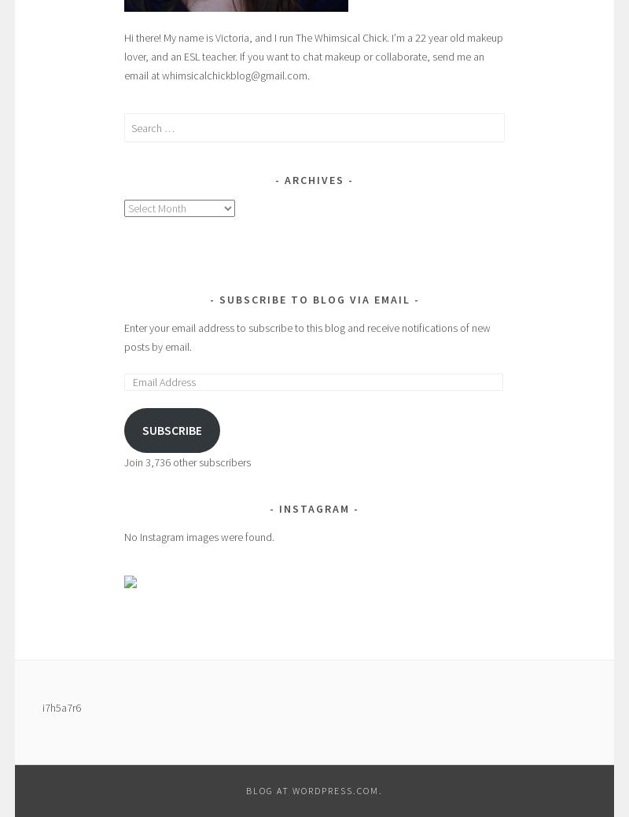 Image resolution: width=629 pixels, height=817 pixels. Describe the element at coordinates (306, 337) in the screenshot. I see `'Enter your email address to subscribe to this blog and receive notifications of new posts by email.'` at that location.